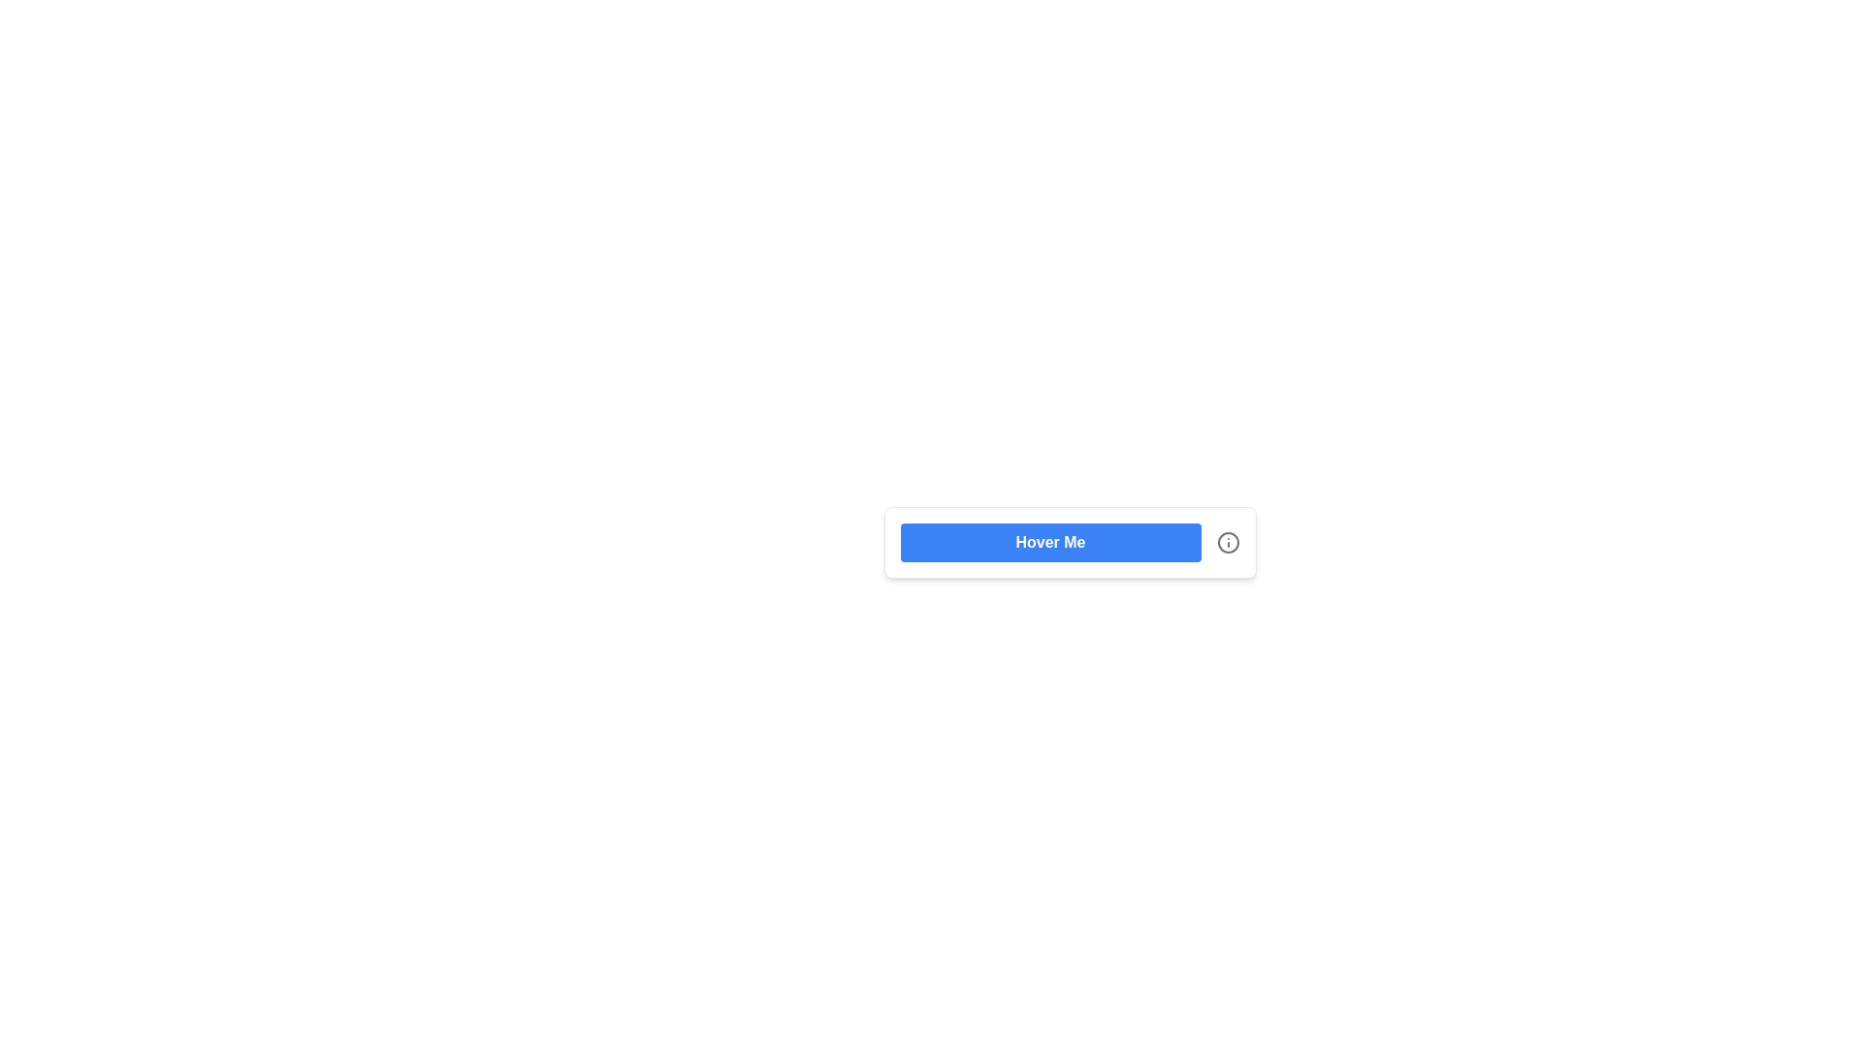 Image resolution: width=1862 pixels, height=1047 pixels. Describe the element at coordinates (1049, 542) in the screenshot. I see `the rectangular button with rounded corners labeled 'Hover Me'` at that location.